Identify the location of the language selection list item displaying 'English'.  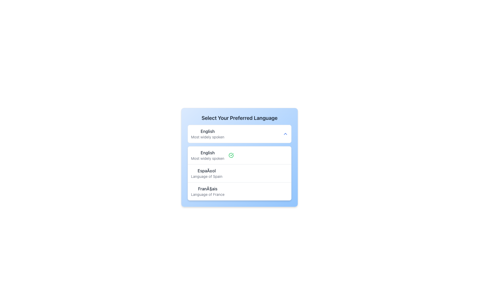
(207, 155).